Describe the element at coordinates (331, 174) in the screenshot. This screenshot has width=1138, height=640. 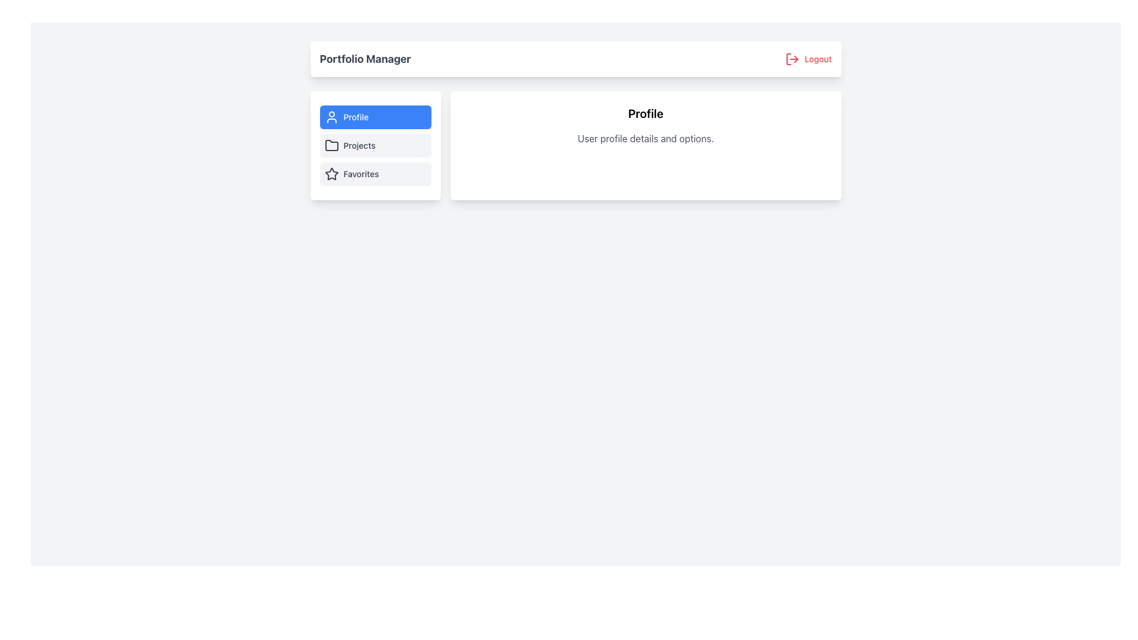
I see `the star-shaped icon that serves as the graphical identifier for the 'Favorites' menu item, located to the left of the 'Favorites' text label` at that location.